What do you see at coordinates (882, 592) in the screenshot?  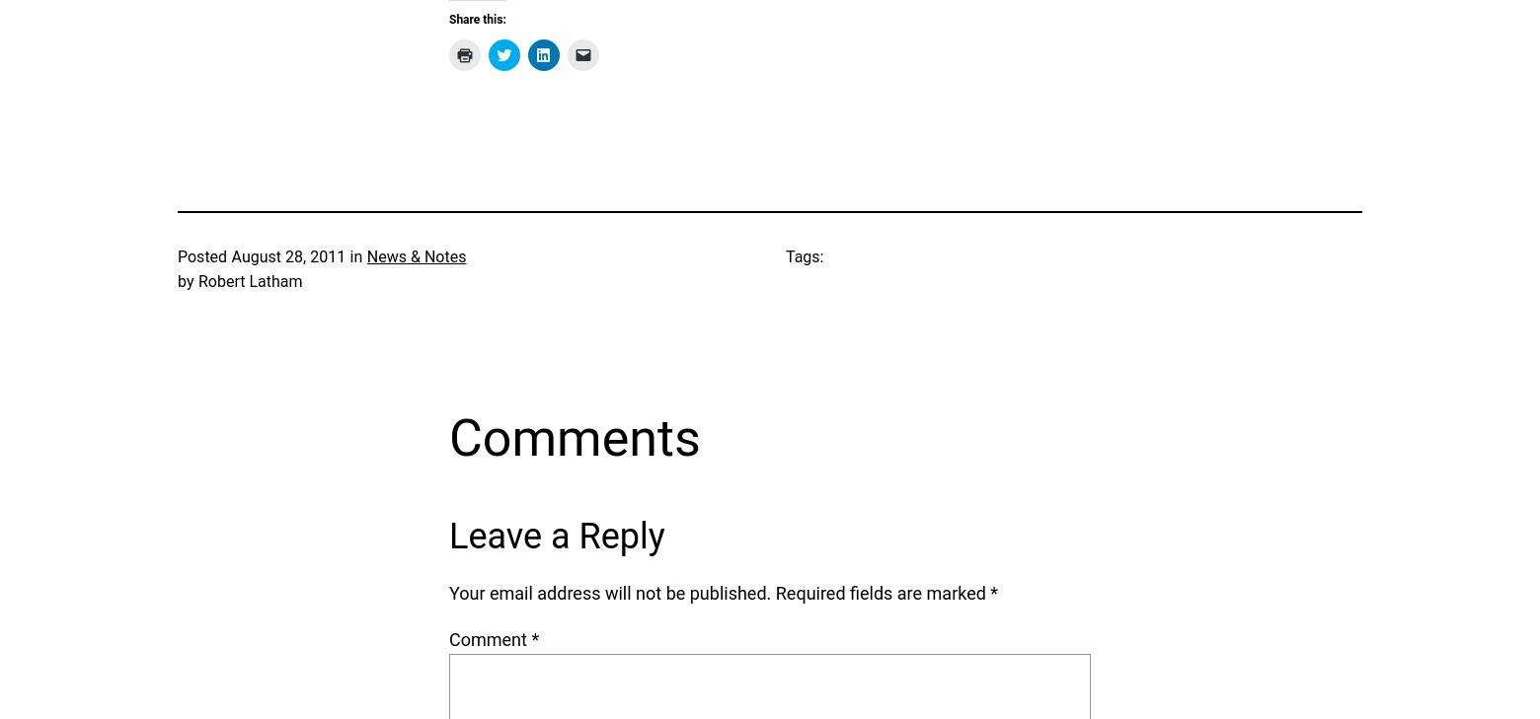 I see `'Required fields are marked'` at bounding box center [882, 592].